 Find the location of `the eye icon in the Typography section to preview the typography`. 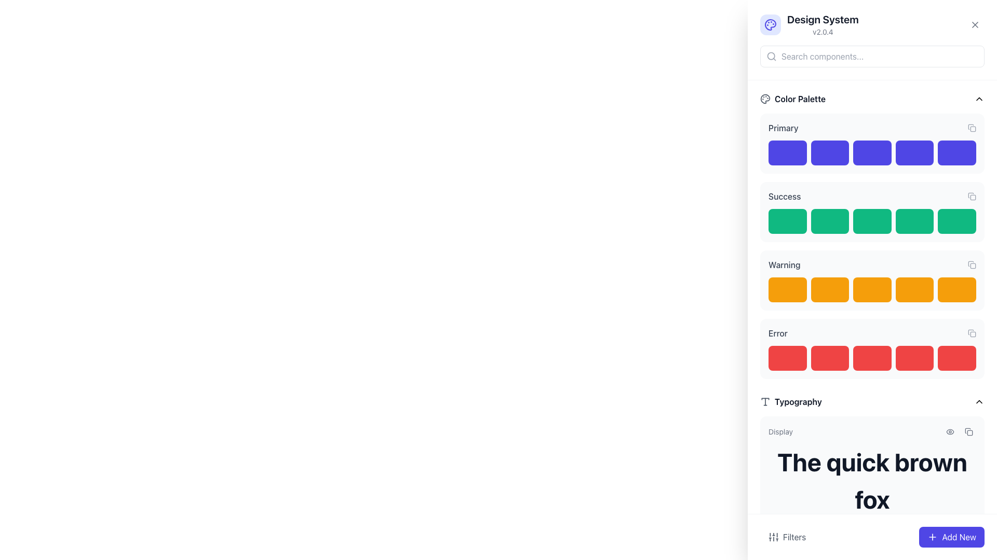

the eye icon in the Typography section to preview the typography is located at coordinates (959, 432).